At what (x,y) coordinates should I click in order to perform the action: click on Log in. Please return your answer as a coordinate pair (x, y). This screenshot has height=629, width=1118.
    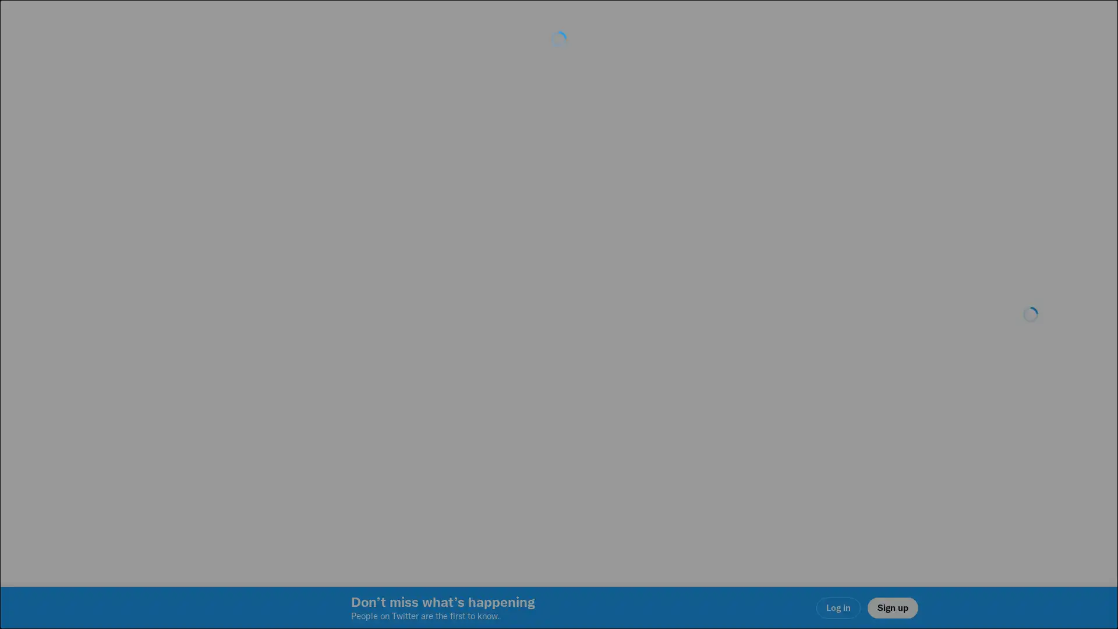
    Looking at the image, I should click on (699, 397).